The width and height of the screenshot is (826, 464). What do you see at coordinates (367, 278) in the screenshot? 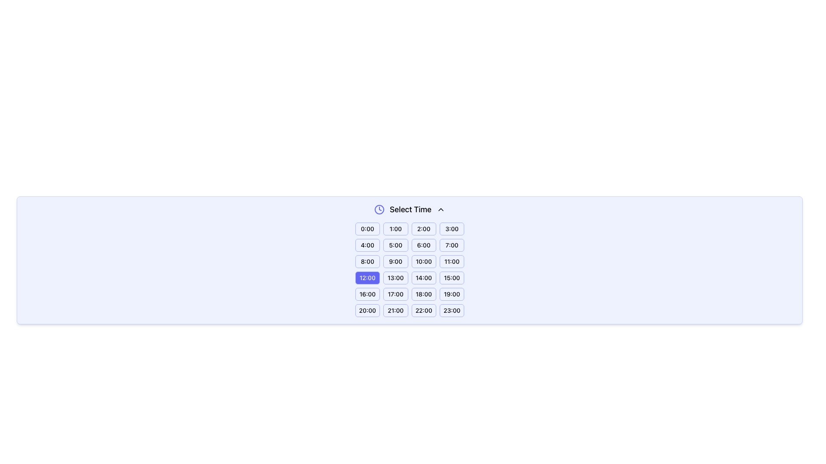
I see `the button displaying '12:00' in white text on an indigo background` at bounding box center [367, 278].